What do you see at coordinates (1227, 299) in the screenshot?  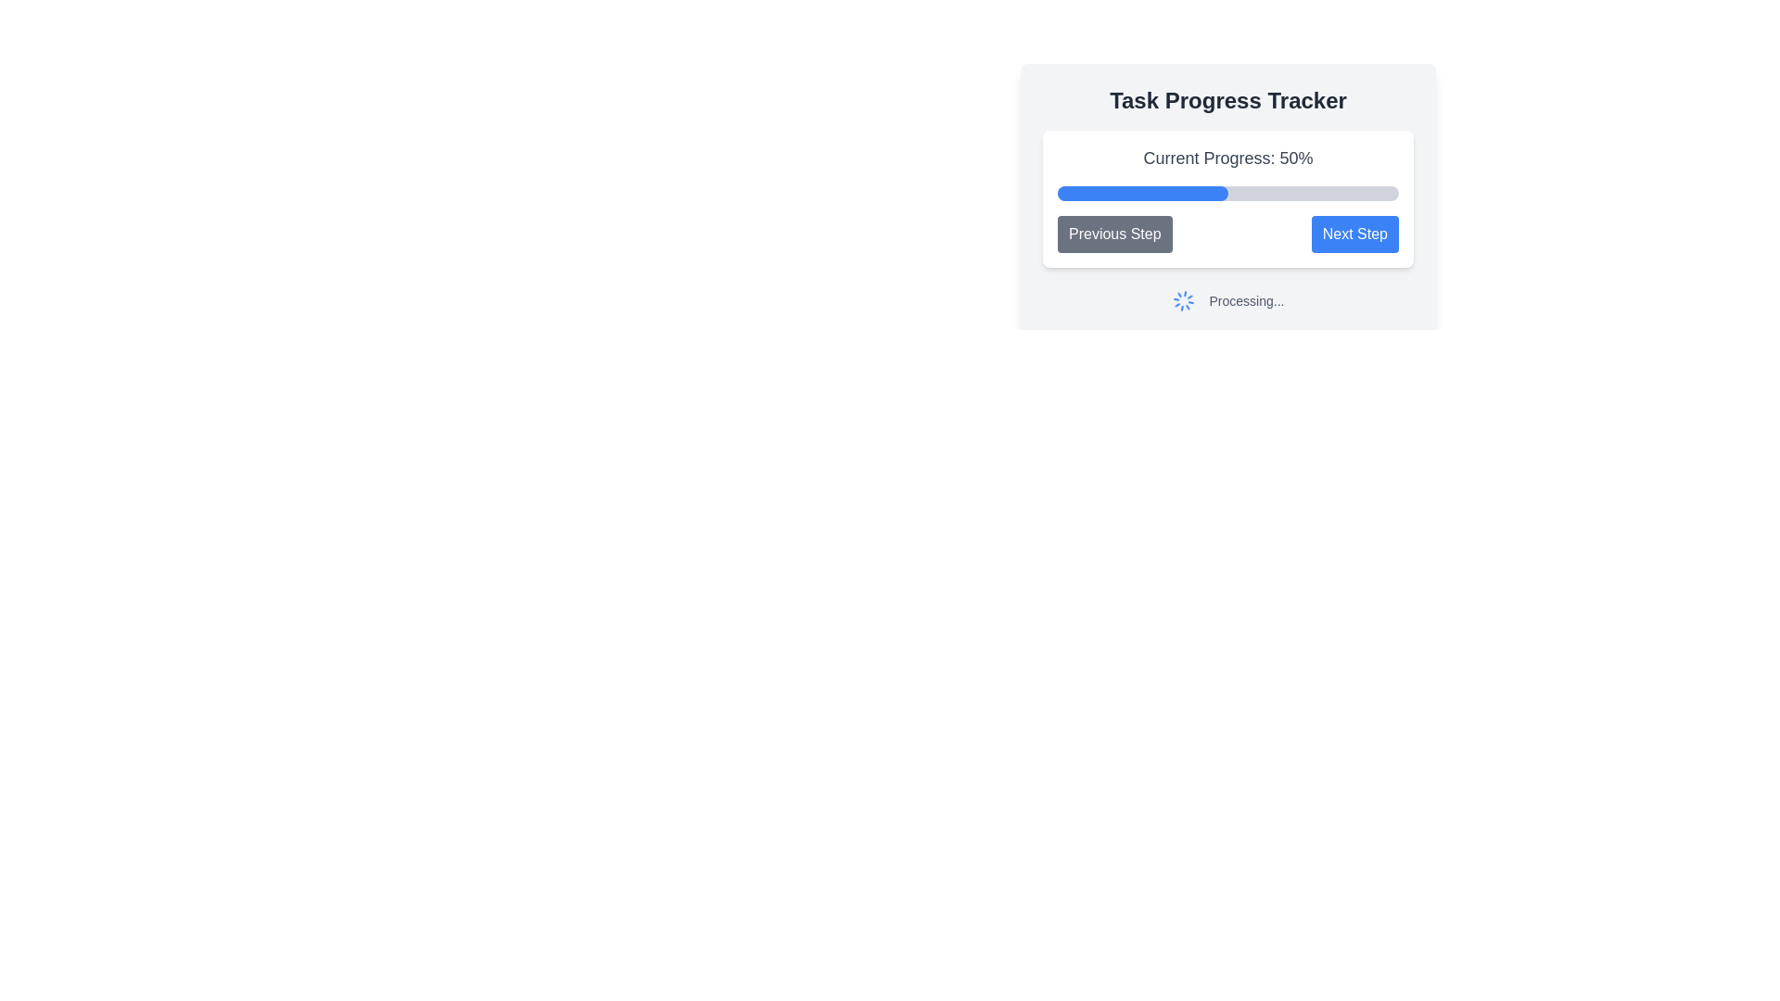 I see `the Loading Indicator displaying 'Processing...' with a spinning blue circular loader icon, which is located in the 'Task Progress Tracker' interface, centered below the progress tracker and buttons` at bounding box center [1227, 299].